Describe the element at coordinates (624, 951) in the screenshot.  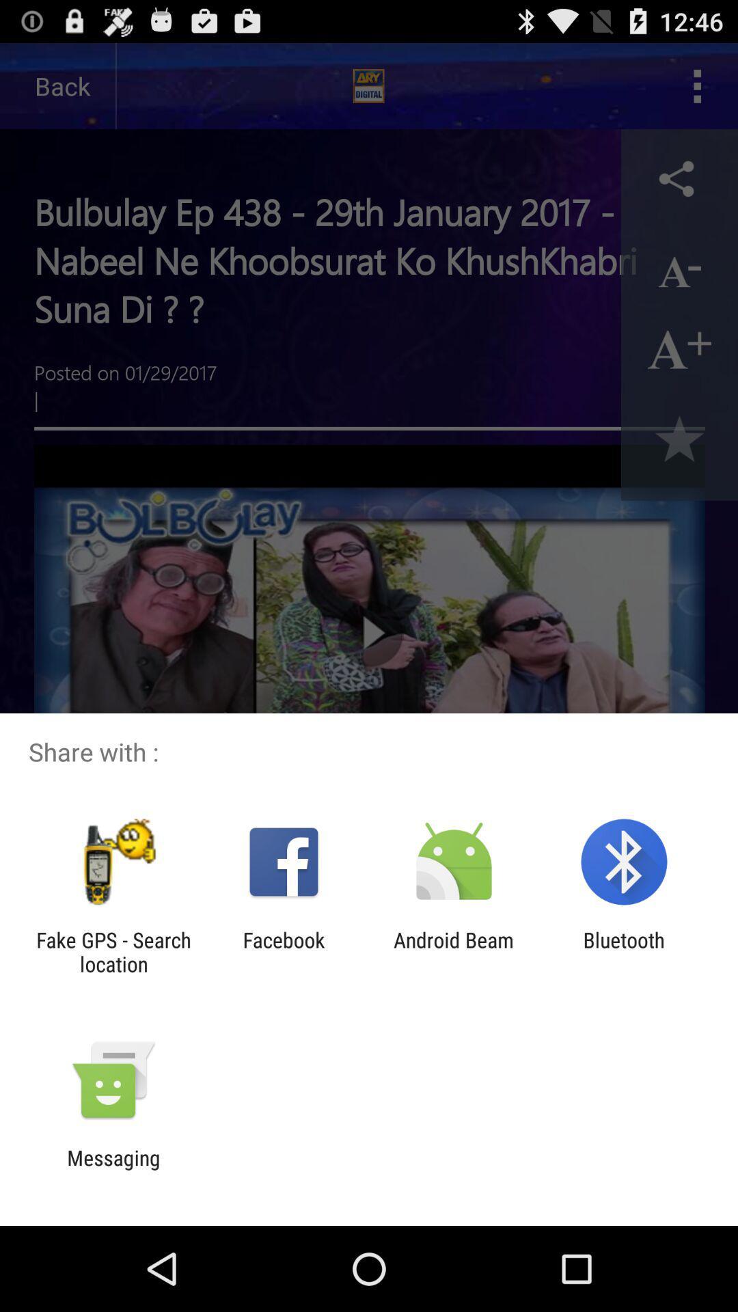
I see `app to the right of android beam item` at that location.